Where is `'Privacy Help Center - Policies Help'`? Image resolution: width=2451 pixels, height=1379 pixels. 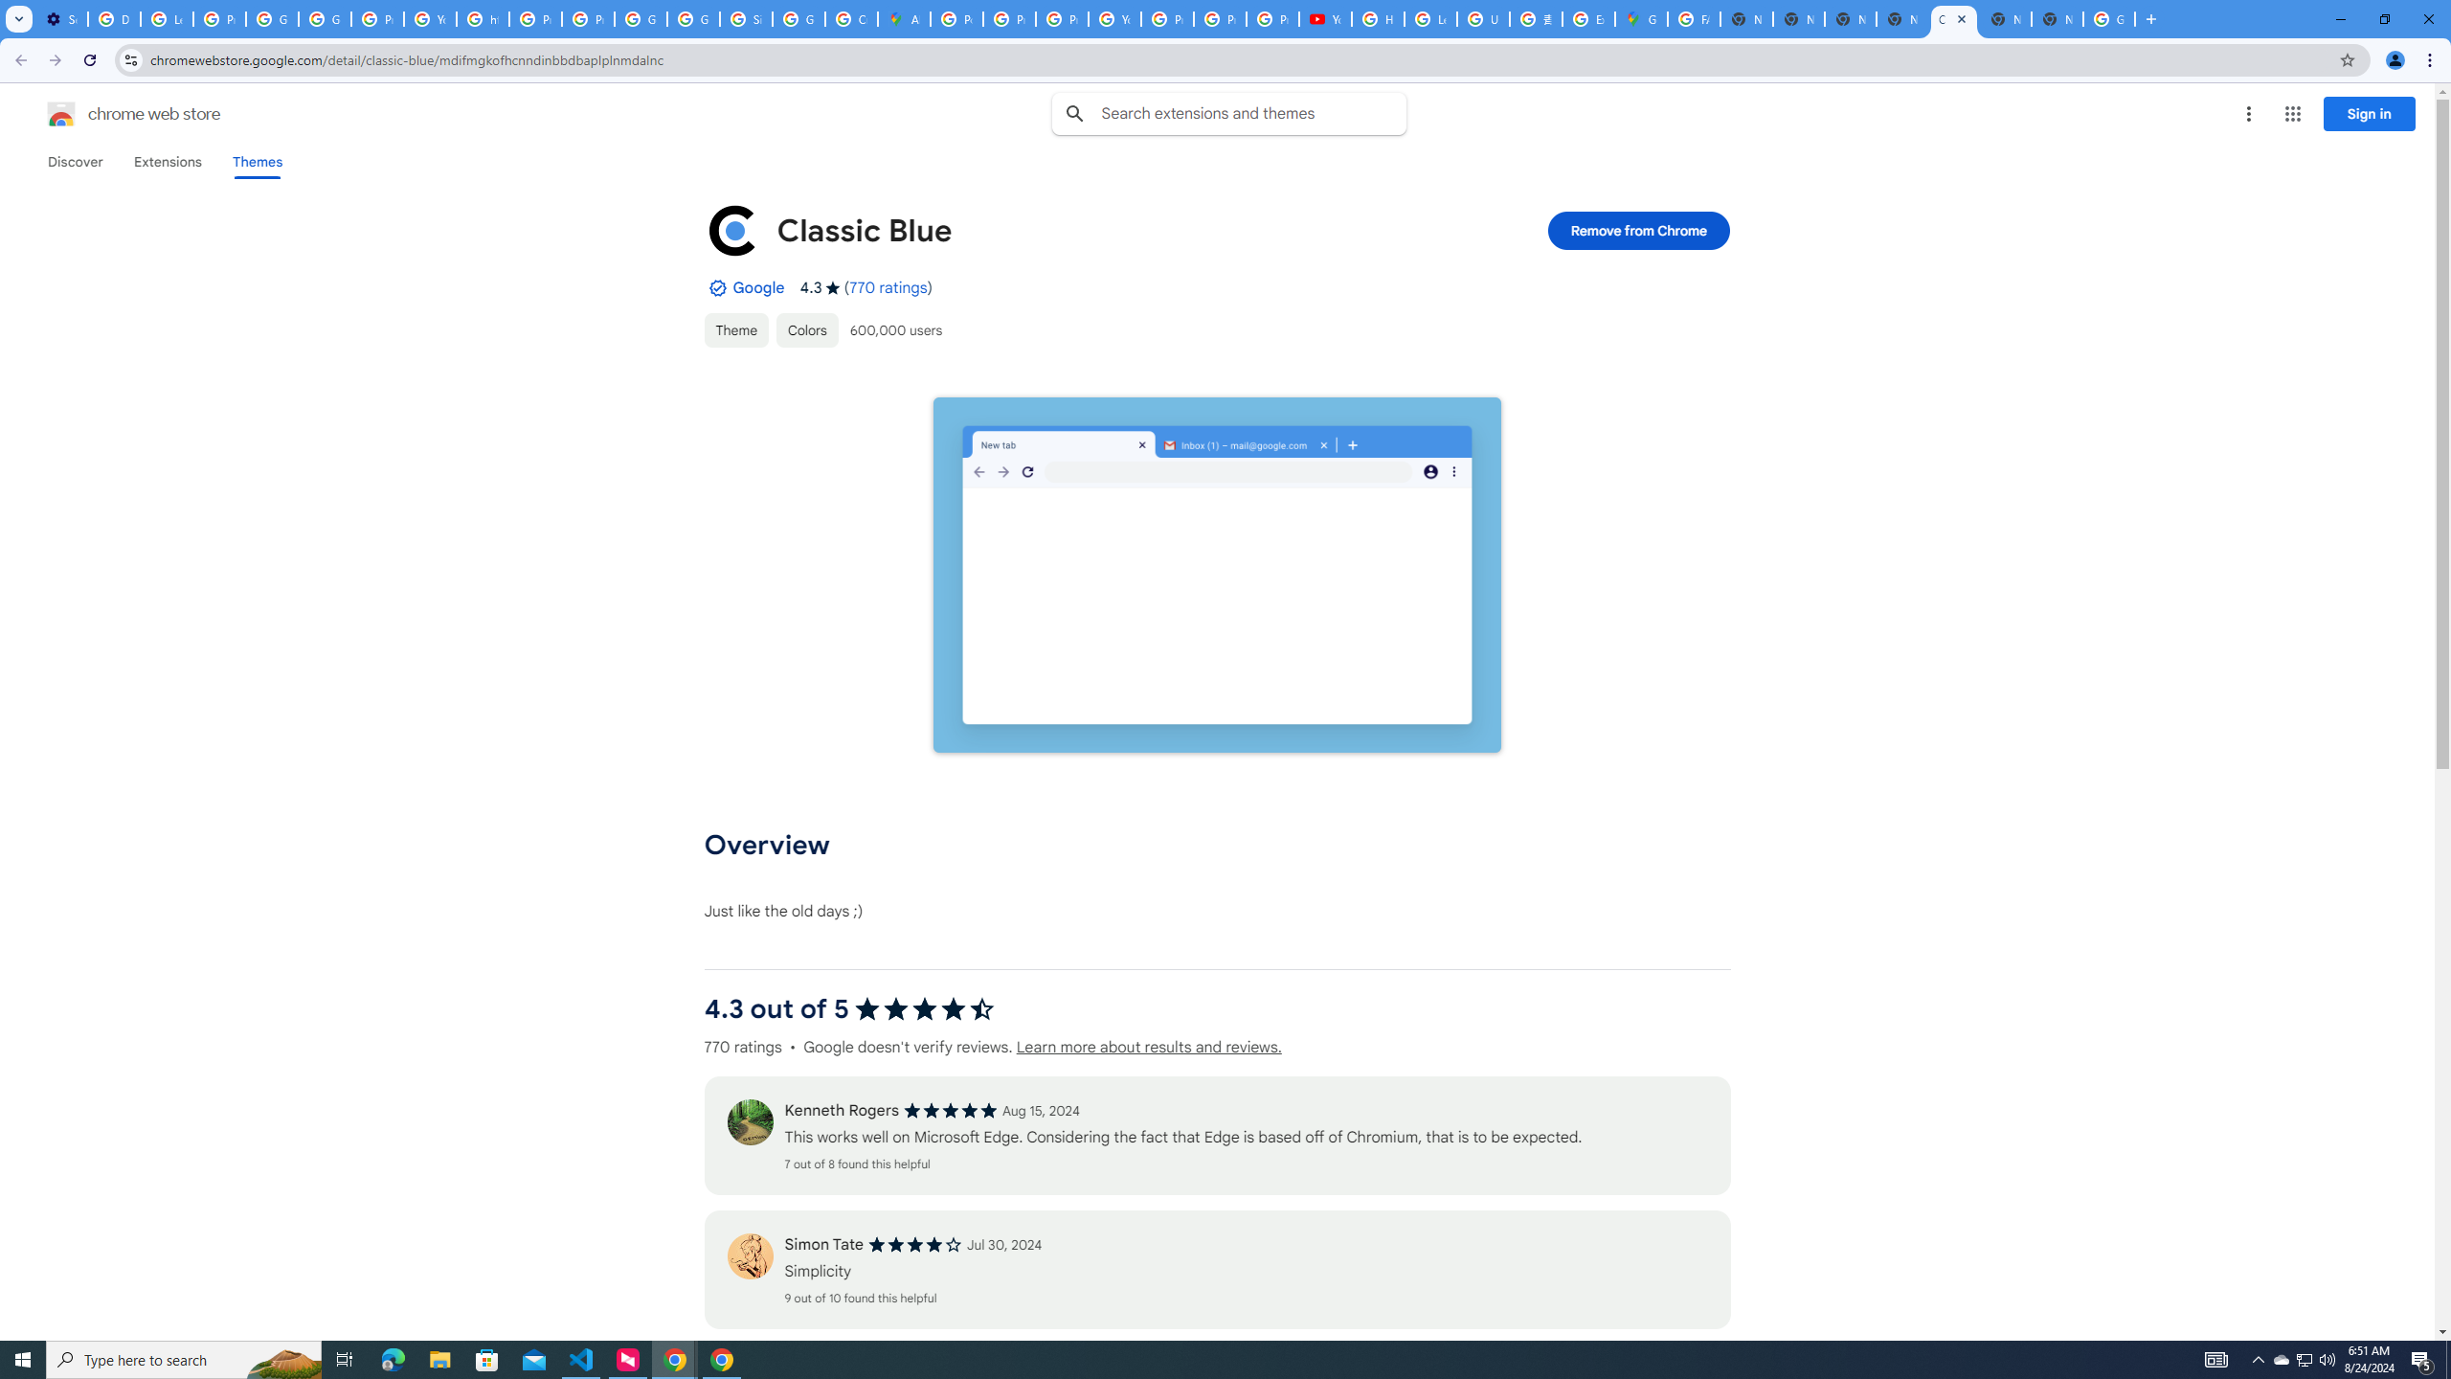
'Privacy Help Center - Policies Help' is located at coordinates (1061, 18).